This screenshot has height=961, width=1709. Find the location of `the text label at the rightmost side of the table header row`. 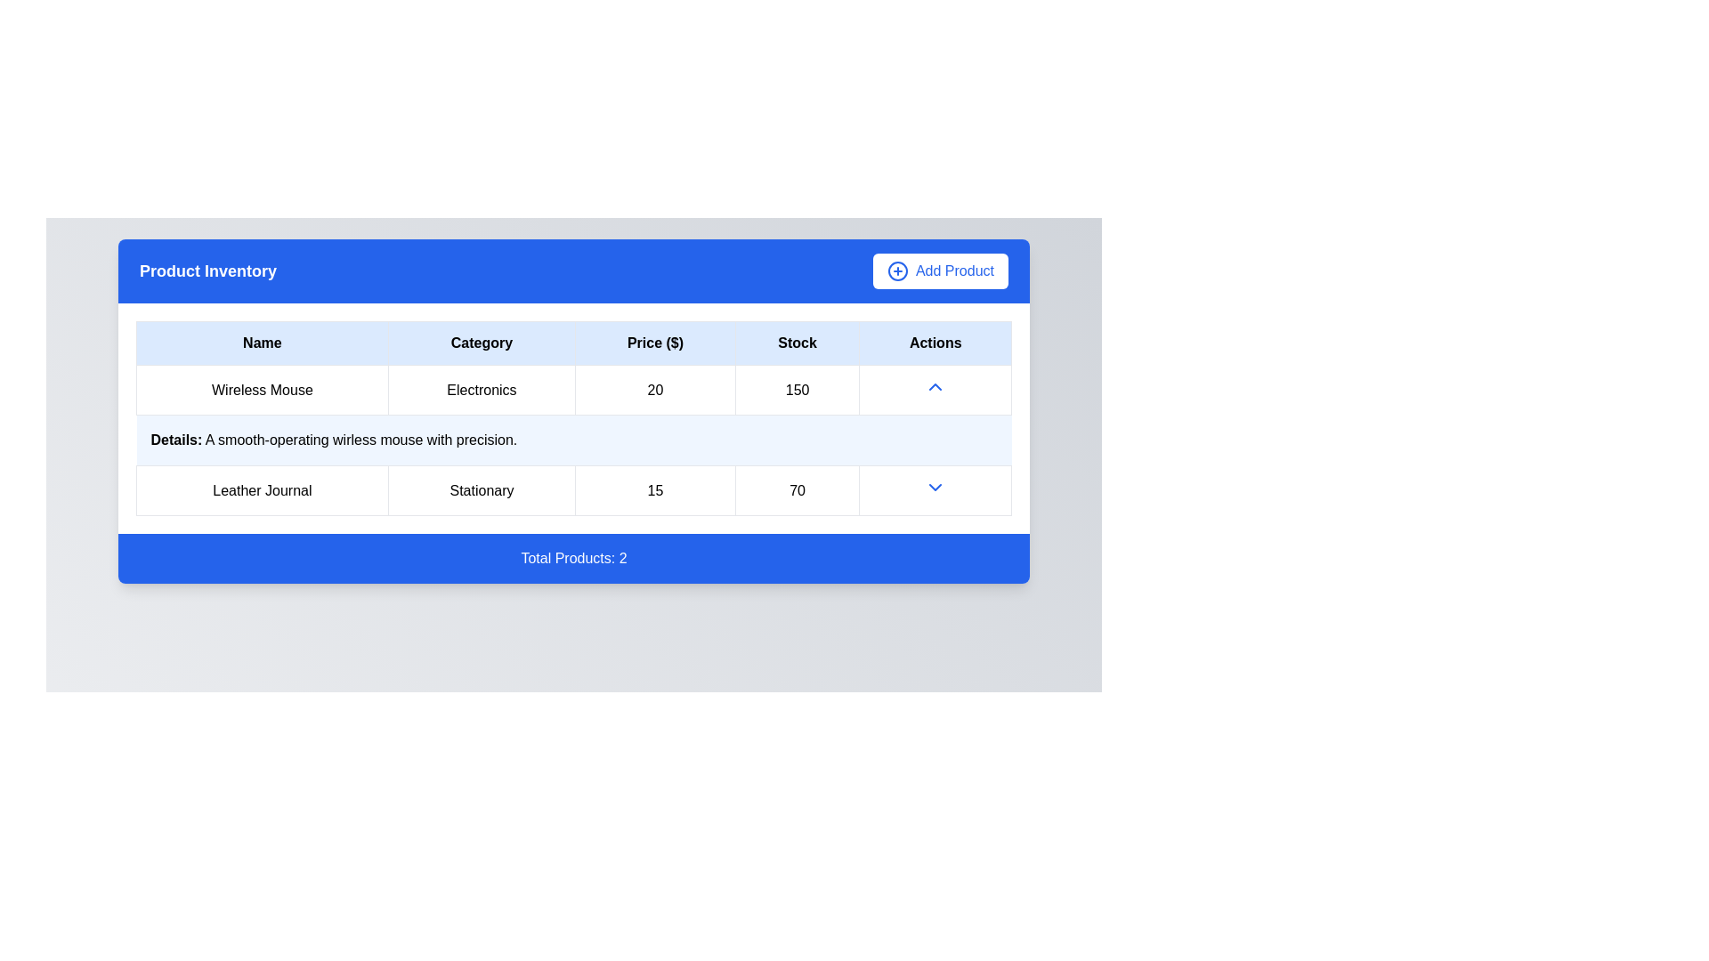

the text label at the rightmost side of the table header row is located at coordinates (935, 343).